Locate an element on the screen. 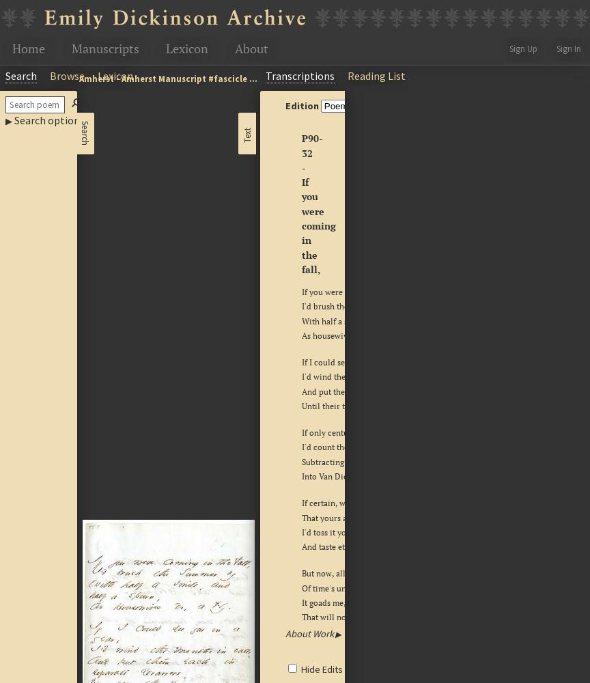  'With half a smile and half a spurn,' is located at coordinates (364, 320).